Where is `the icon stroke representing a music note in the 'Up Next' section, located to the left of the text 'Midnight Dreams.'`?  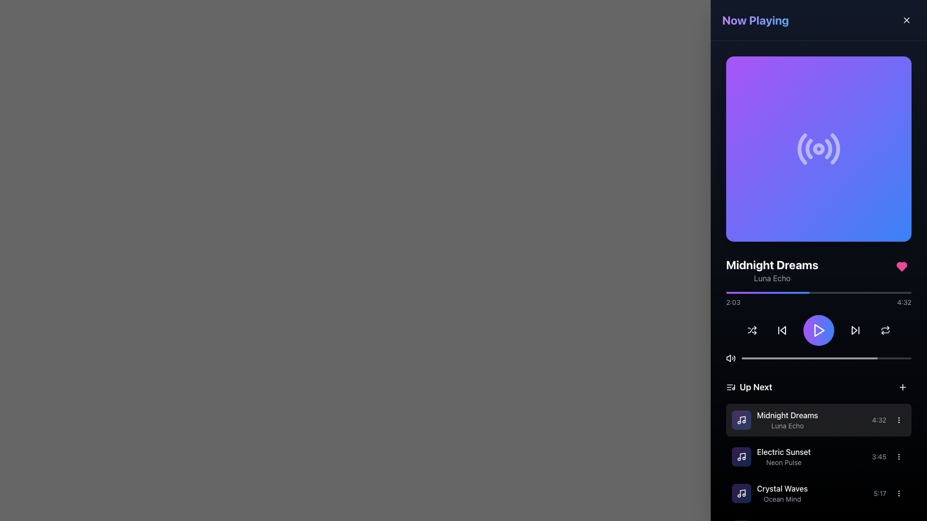 the icon stroke representing a music note in the 'Up Next' section, located to the left of the text 'Midnight Dreams.' is located at coordinates (742, 493).